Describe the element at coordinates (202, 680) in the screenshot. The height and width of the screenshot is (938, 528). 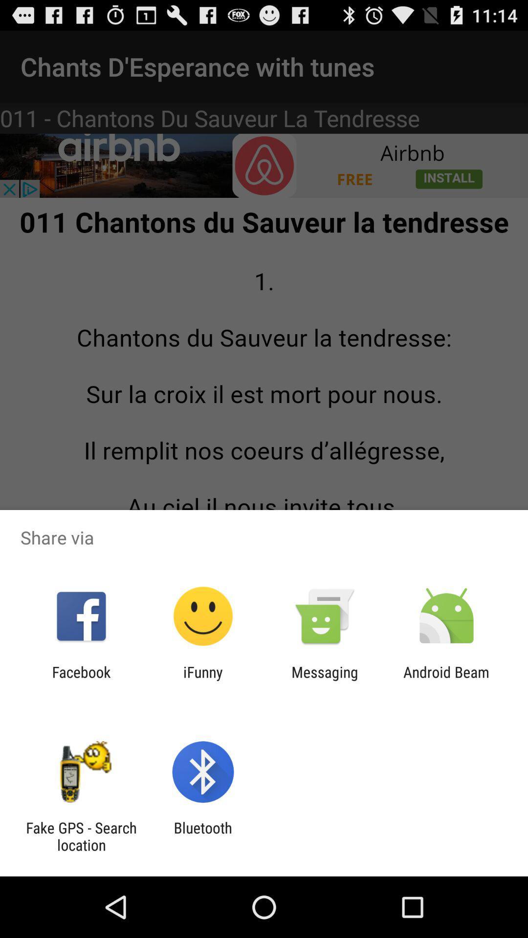
I see `ifunny item` at that location.